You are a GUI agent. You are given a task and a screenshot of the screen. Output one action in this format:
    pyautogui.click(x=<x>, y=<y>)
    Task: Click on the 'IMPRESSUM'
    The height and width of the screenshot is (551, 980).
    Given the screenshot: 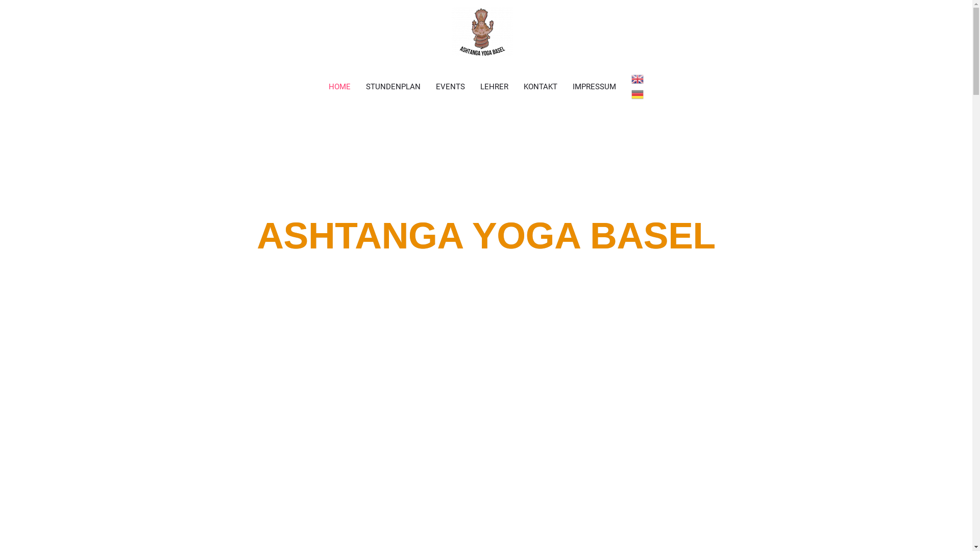 What is the action you would take?
    pyautogui.click(x=565, y=86)
    